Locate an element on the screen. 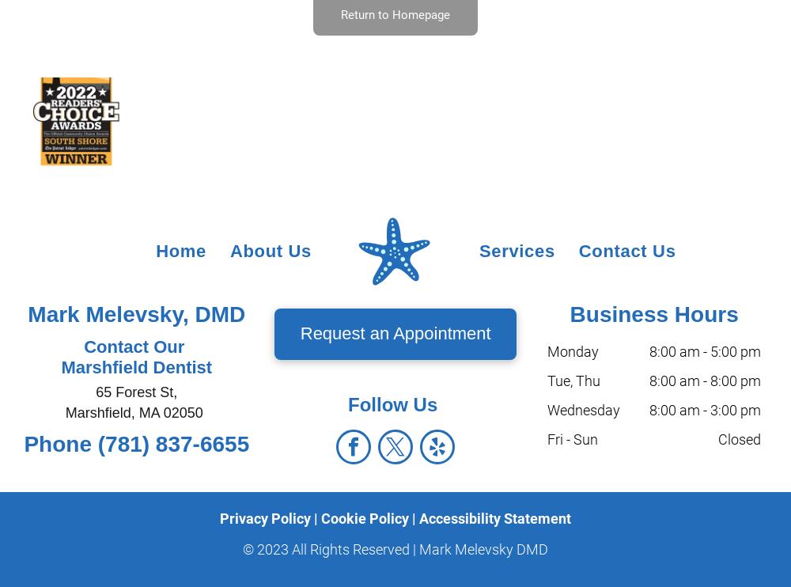 The height and width of the screenshot is (587, 791). 'Closed' is located at coordinates (740, 437).